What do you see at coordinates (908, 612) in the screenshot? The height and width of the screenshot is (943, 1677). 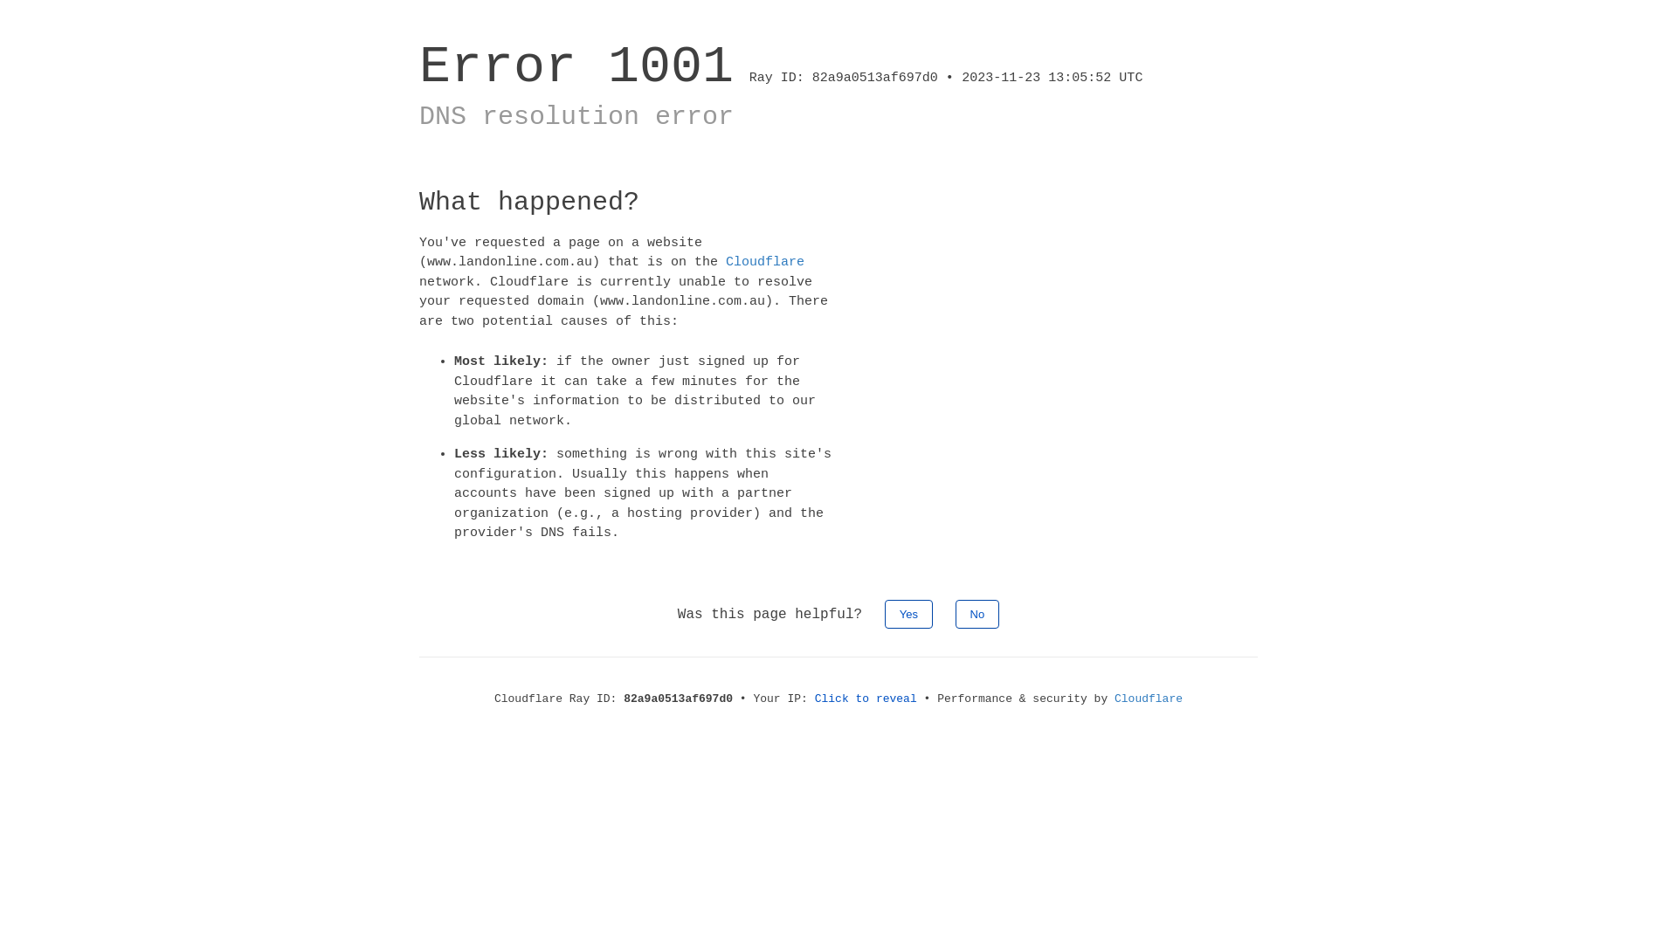 I see `'Yes'` at bounding box center [908, 612].